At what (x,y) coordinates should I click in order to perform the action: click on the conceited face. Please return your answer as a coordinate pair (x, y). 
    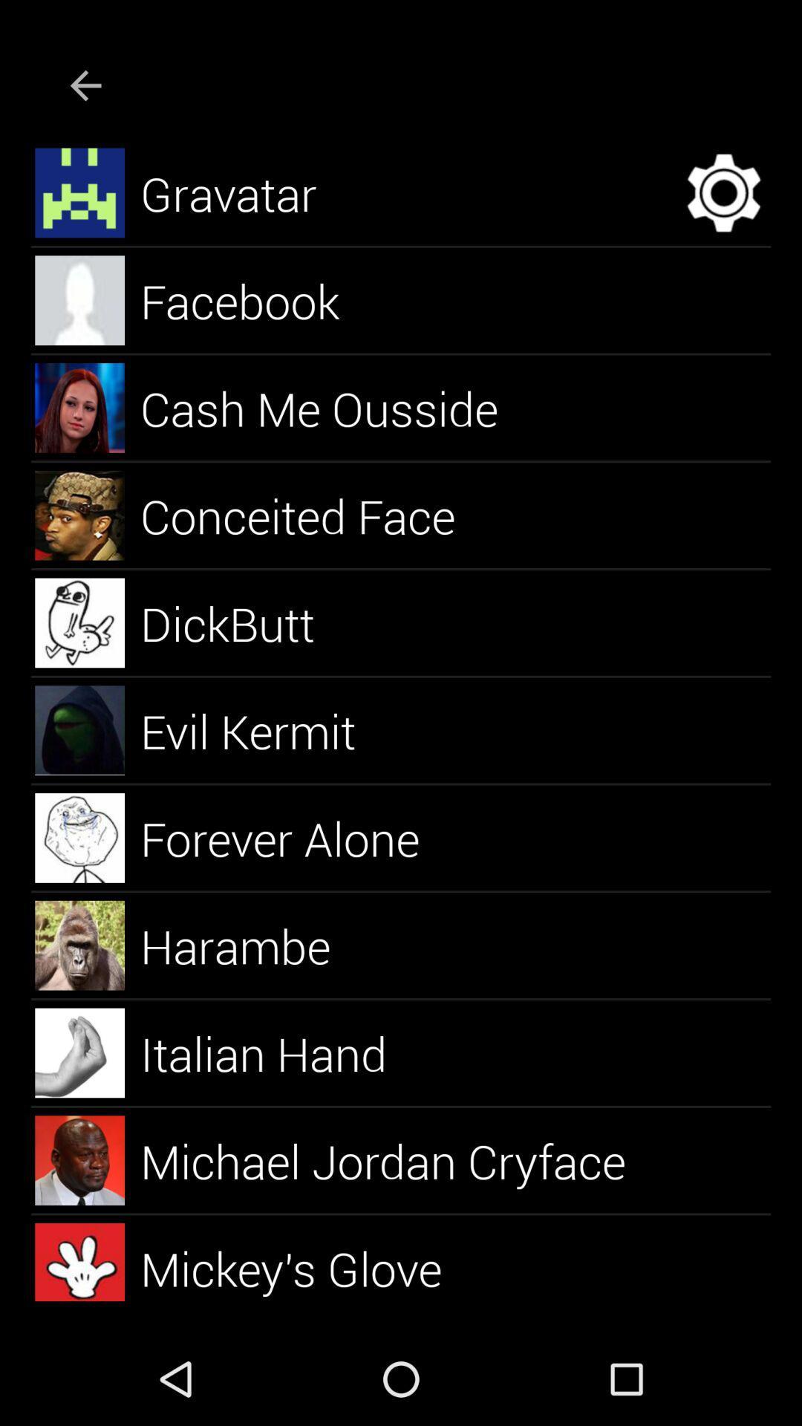
    Looking at the image, I should click on (314, 515).